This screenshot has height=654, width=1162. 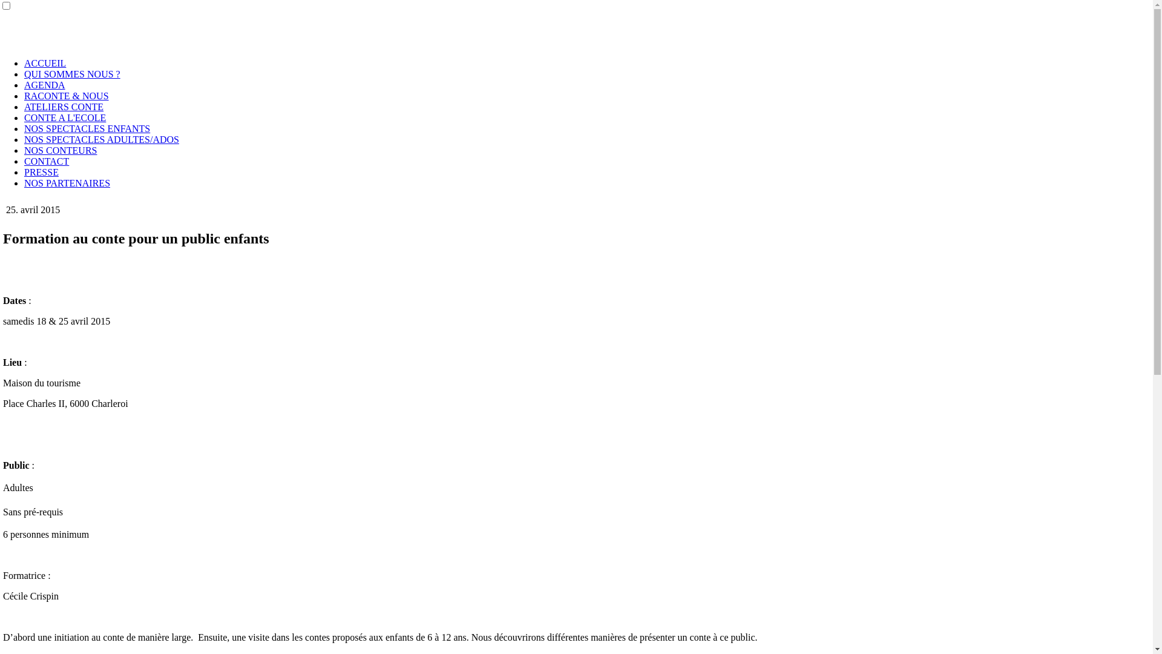 What do you see at coordinates (24, 95) in the screenshot?
I see `'RACONTE & NOUS'` at bounding box center [24, 95].